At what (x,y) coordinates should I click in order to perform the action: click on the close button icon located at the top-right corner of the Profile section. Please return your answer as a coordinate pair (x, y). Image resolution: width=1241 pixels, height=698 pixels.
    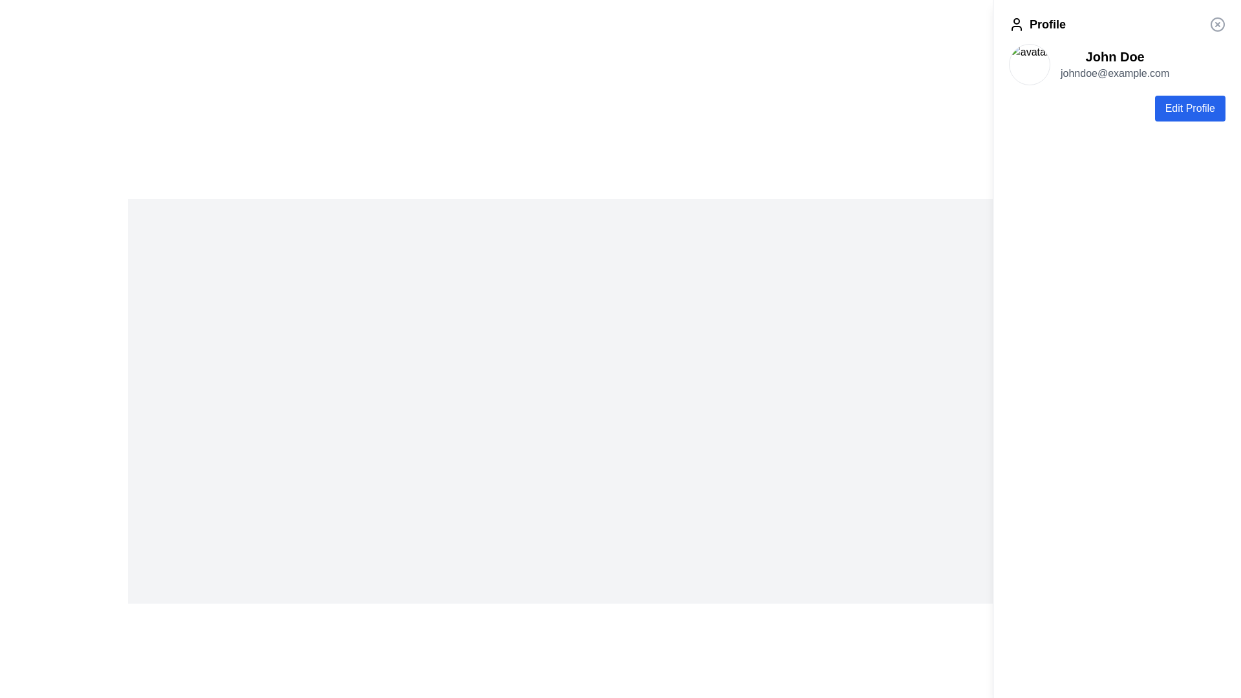
    Looking at the image, I should click on (1216, 25).